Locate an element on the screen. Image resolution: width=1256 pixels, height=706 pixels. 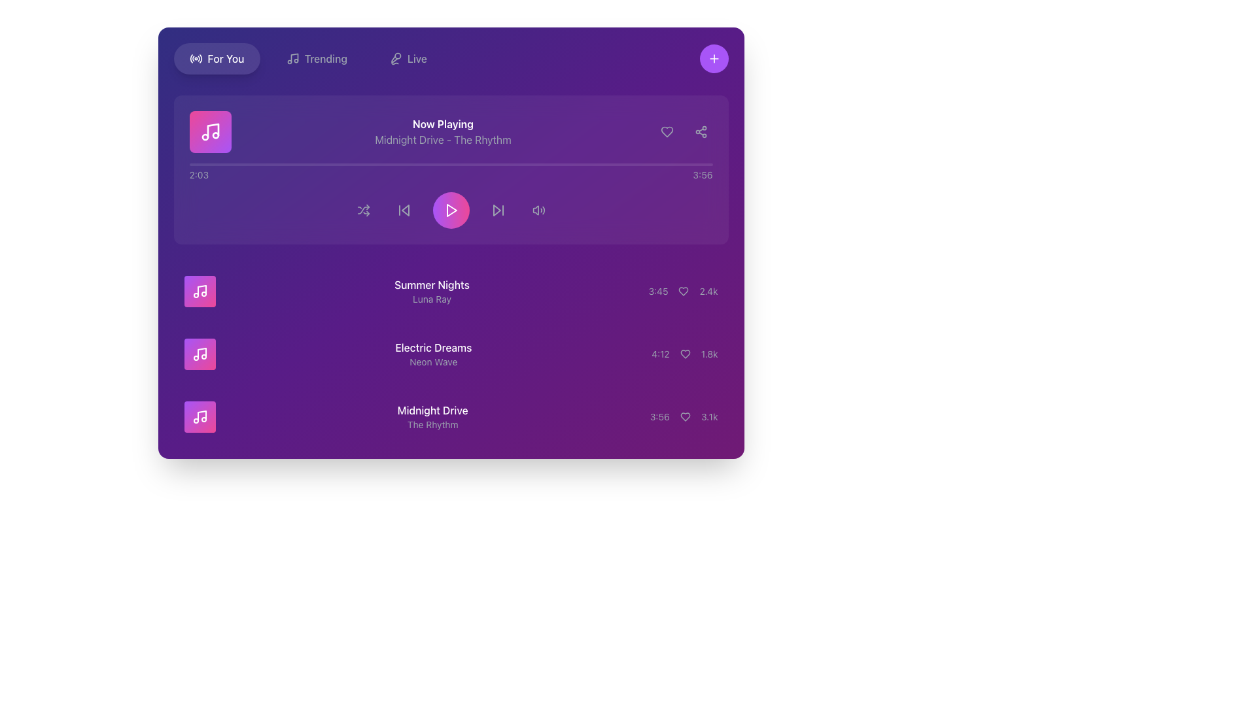
the heart icon located in the bottom-right corner adjacent to 'Midnight Drive' is located at coordinates (684, 416).